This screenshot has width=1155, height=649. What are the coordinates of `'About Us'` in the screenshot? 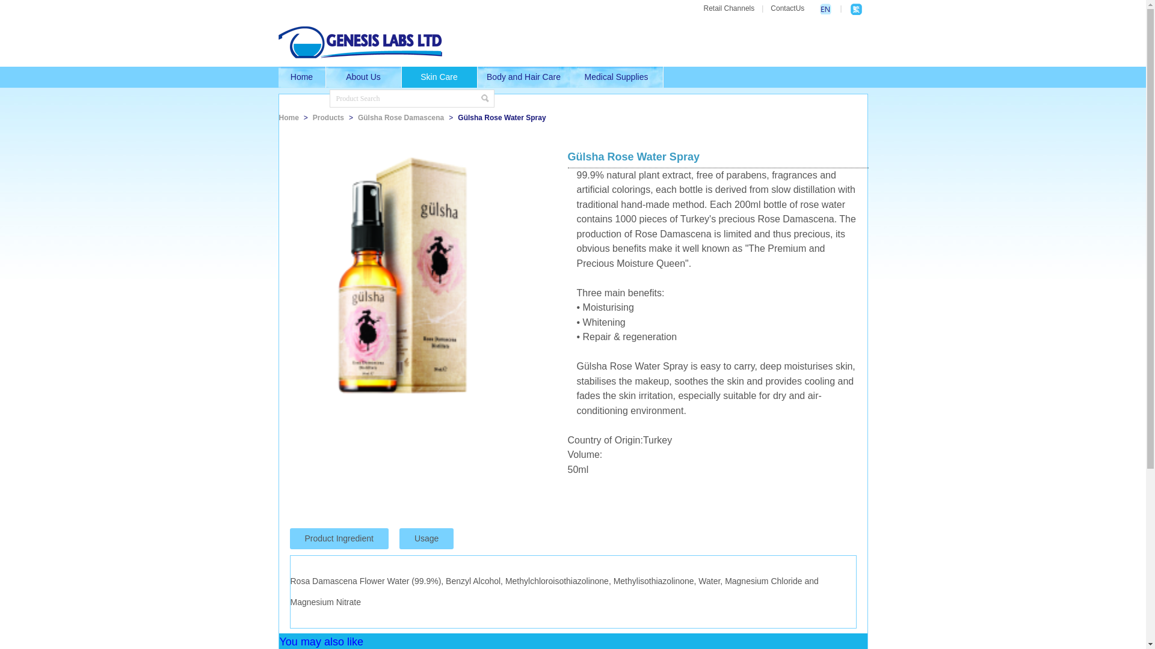 It's located at (326, 77).